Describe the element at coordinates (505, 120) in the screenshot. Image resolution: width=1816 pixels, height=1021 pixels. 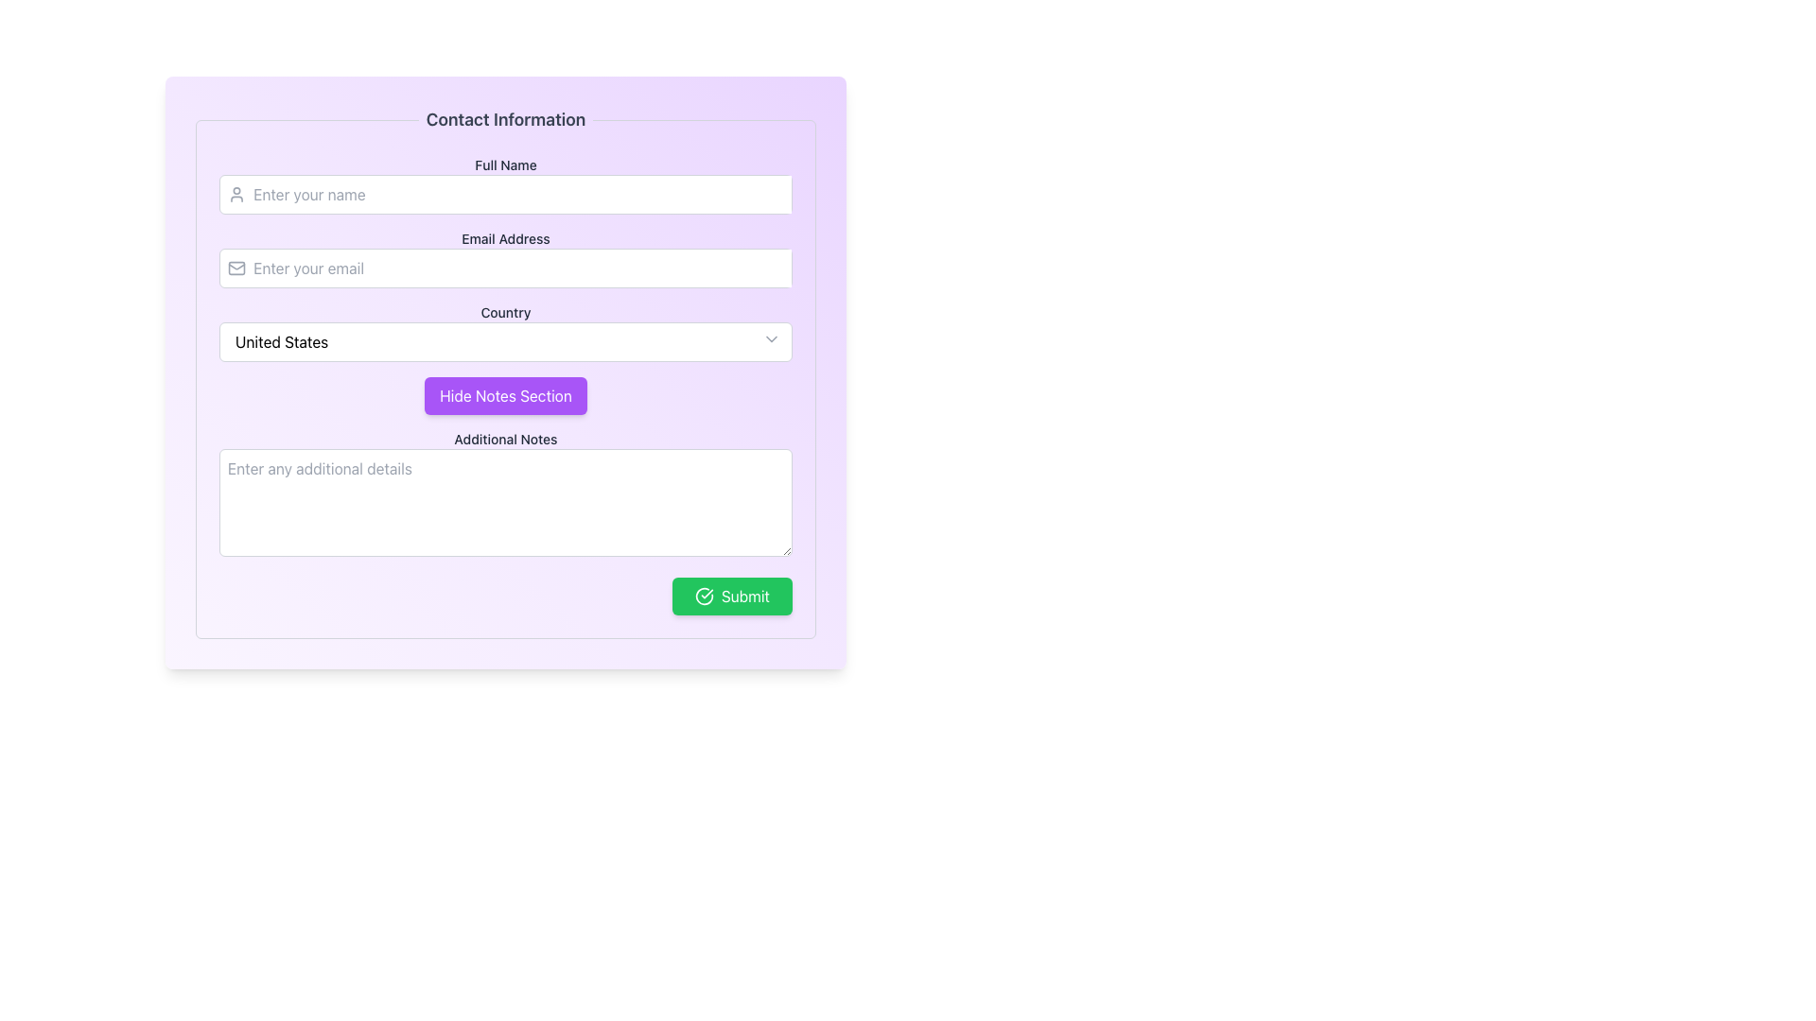
I see `the static header text label that indicates the section pertains to contact information, located at the top of the purple card interface` at that location.